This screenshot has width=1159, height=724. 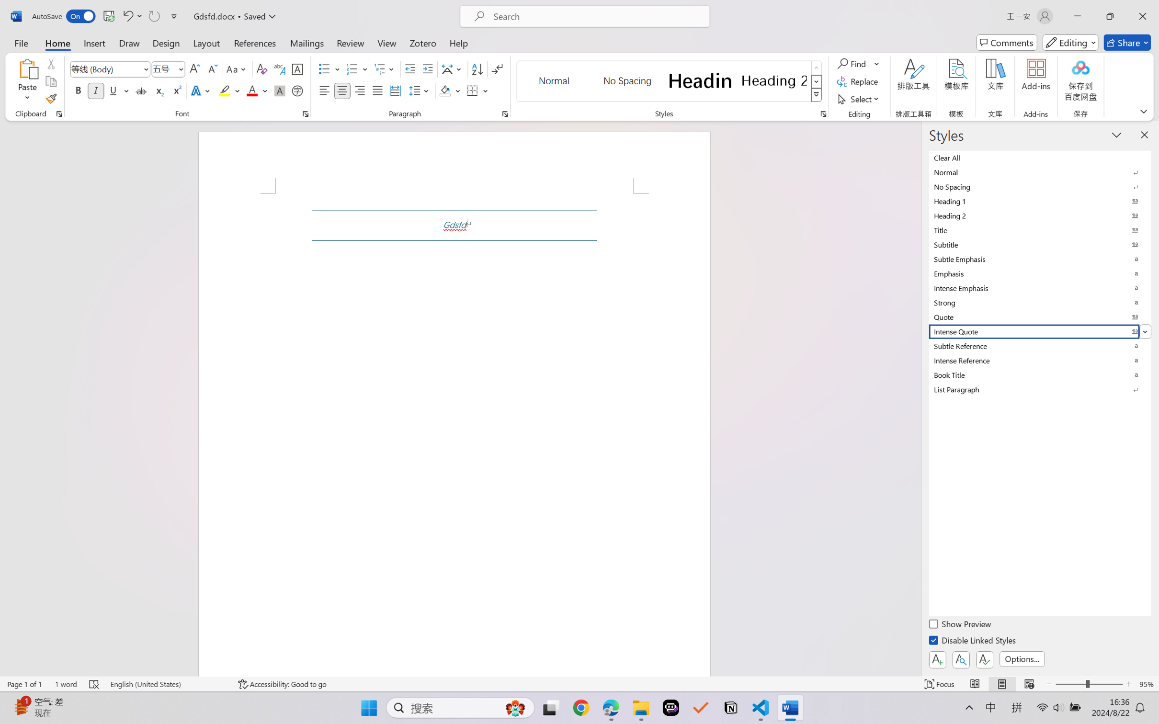 What do you see at coordinates (1116, 135) in the screenshot?
I see `'Task Pane Options'` at bounding box center [1116, 135].